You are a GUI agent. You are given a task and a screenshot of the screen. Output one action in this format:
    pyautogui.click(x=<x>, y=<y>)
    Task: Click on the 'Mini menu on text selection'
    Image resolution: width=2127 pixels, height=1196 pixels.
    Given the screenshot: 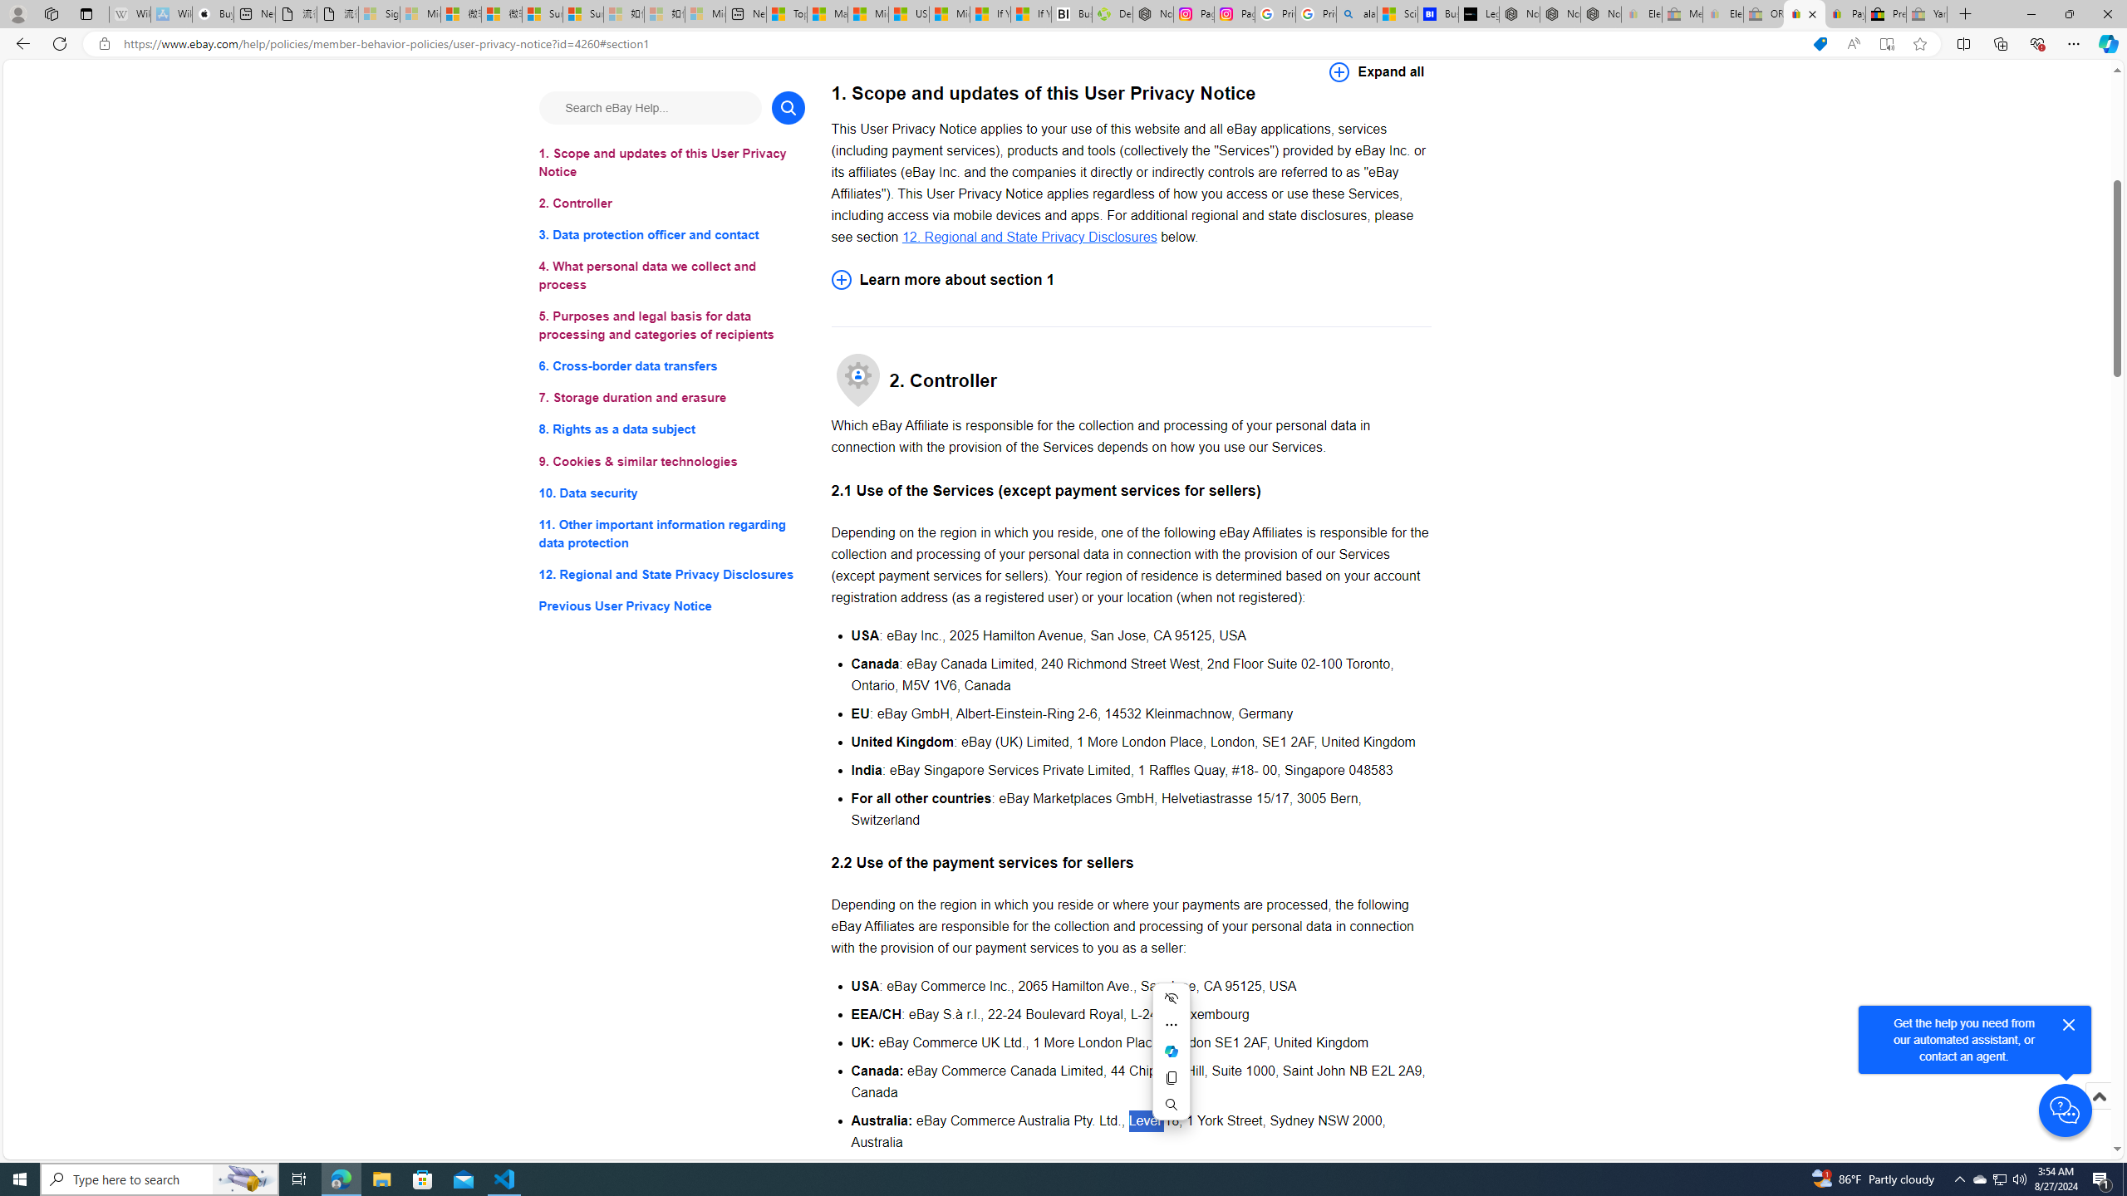 What is the action you would take?
    pyautogui.click(x=1172, y=1061)
    